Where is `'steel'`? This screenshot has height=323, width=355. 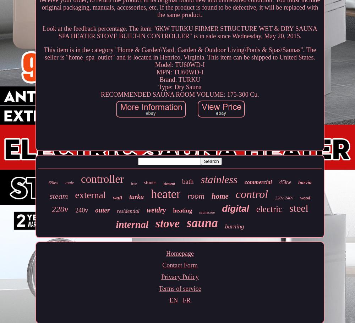
'steel' is located at coordinates (298, 207).